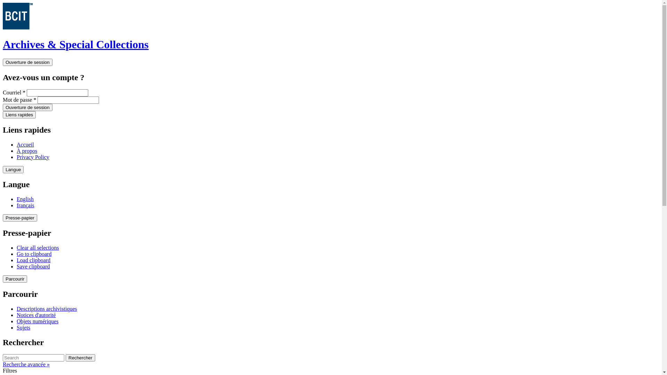 This screenshot has height=375, width=667. I want to click on 'Sujets', so click(23, 327).